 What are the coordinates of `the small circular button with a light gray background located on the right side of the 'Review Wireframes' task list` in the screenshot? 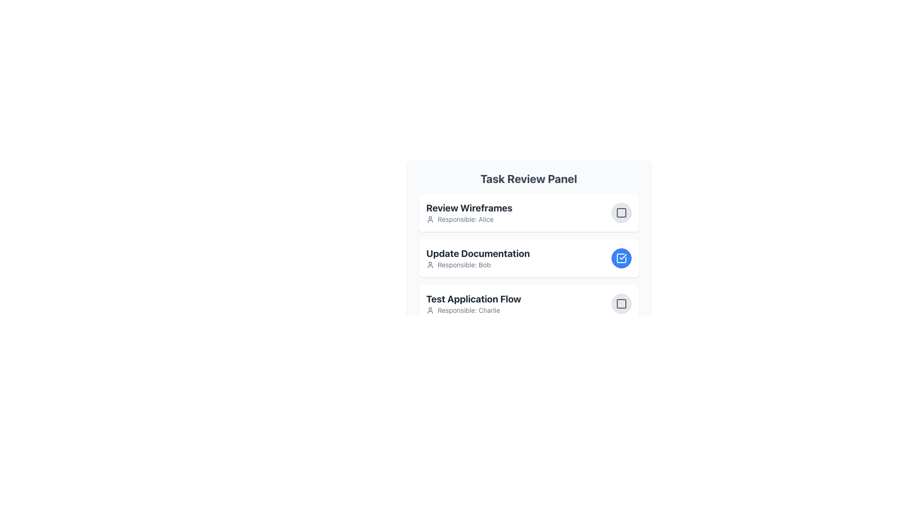 It's located at (621, 212).